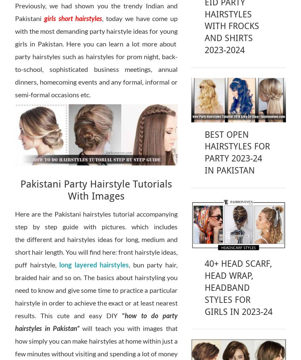 Image resolution: width=301 pixels, height=360 pixels. What do you see at coordinates (73, 18) in the screenshot?
I see `'girls short hairstyles'` at bounding box center [73, 18].